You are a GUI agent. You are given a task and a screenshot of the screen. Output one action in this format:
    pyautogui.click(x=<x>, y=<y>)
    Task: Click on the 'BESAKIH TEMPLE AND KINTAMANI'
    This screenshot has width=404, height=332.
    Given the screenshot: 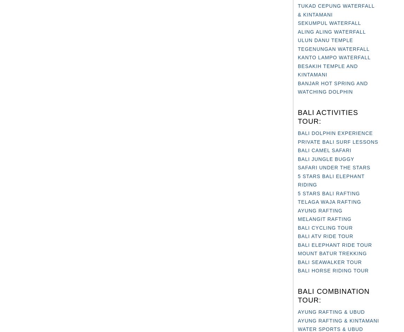 What is the action you would take?
    pyautogui.click(x=297, y=70)
    